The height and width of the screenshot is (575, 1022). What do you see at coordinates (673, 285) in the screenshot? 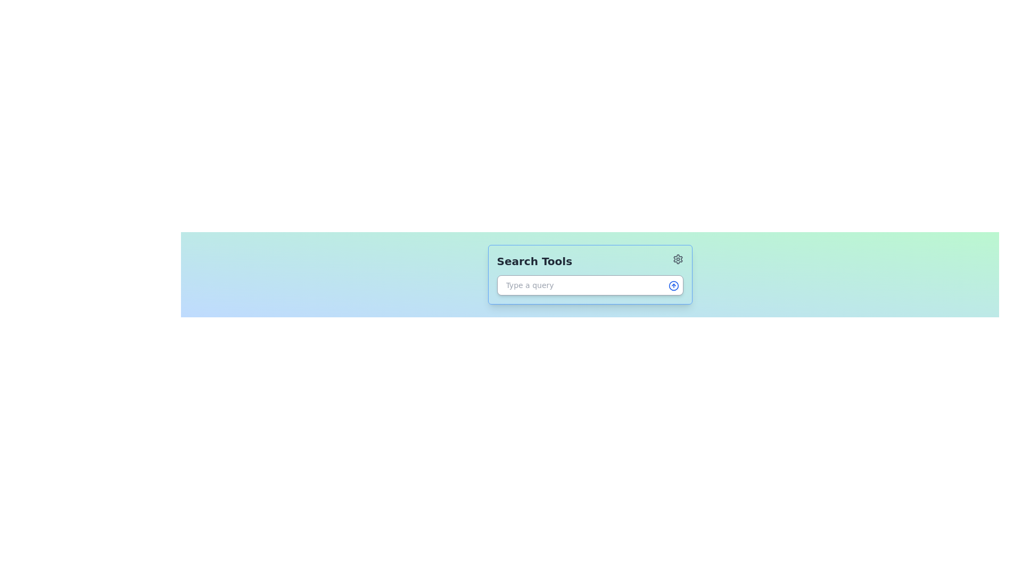
I see `the upward arrow icon button located at the top-right corner of the search bar` at bounding box center [673, 285].